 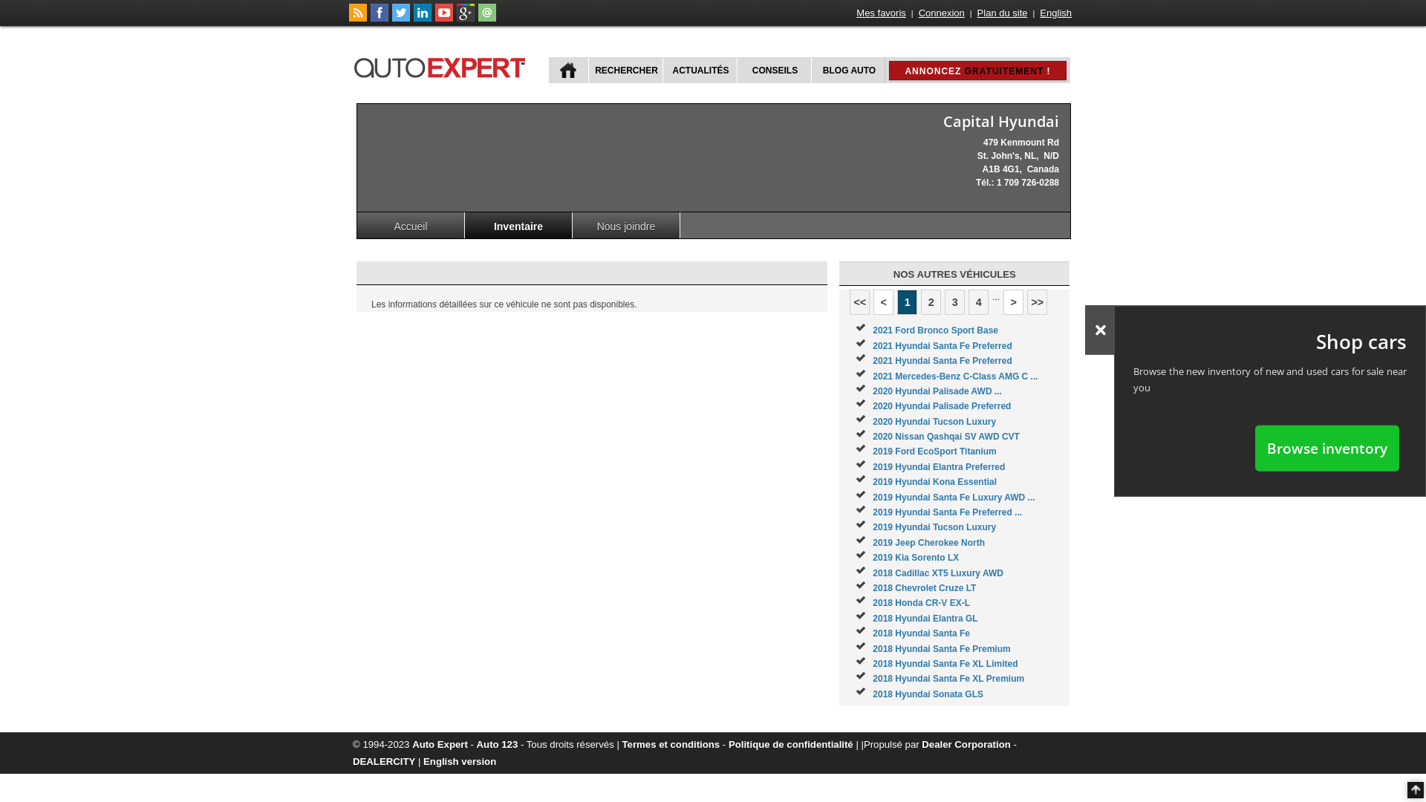 I want to click on '1', so click(x=896, y=301).